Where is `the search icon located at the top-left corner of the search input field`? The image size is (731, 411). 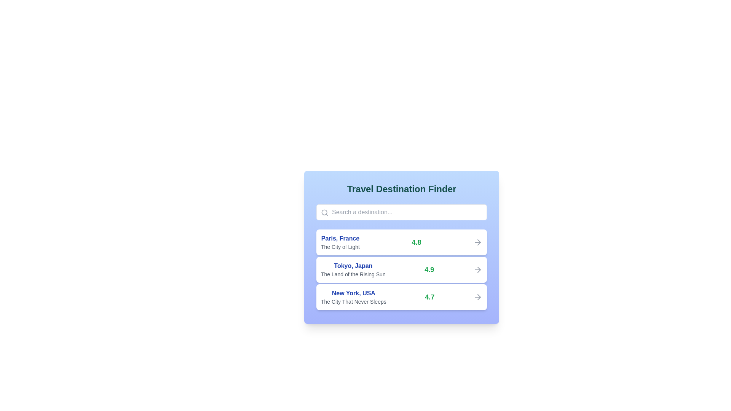 the search icon located at the top-left corner of the search input field is located at coordinates (325, 213).